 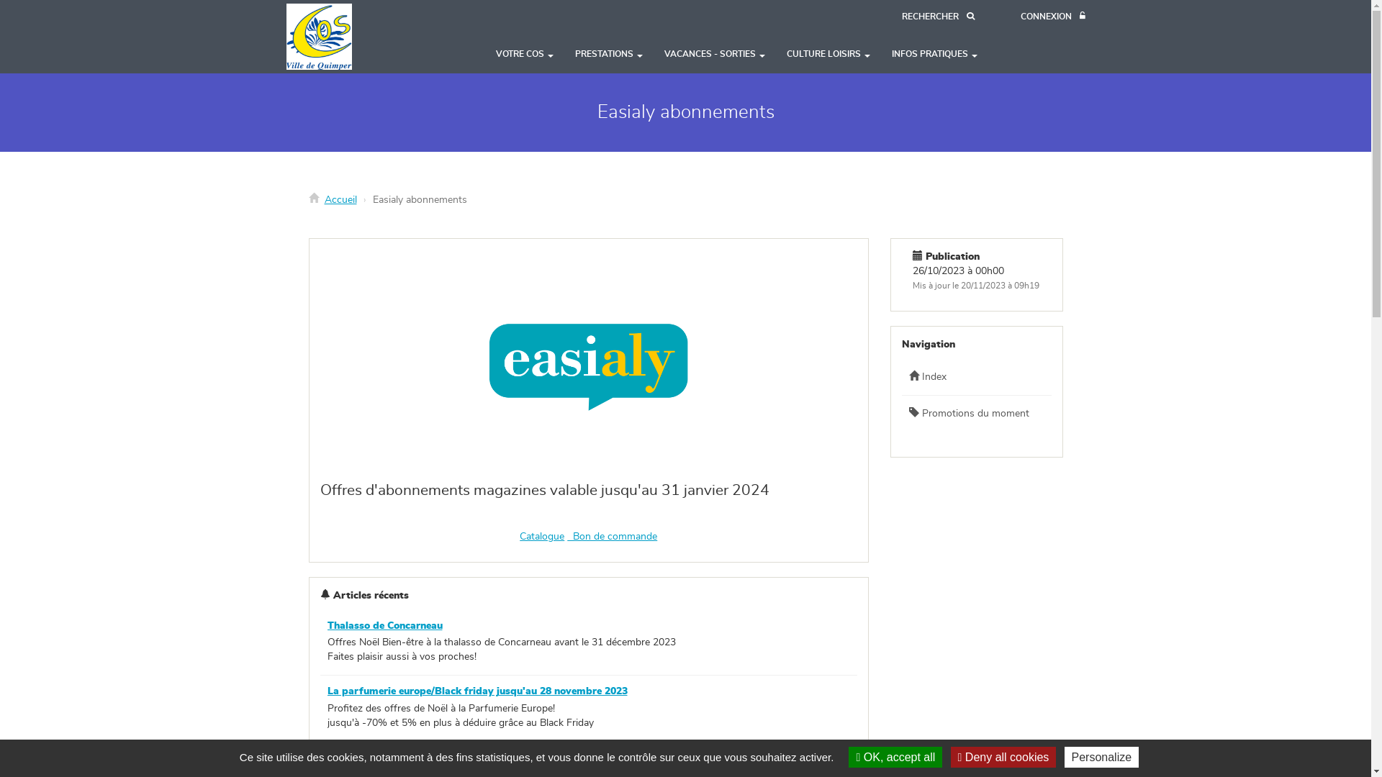 I want to click on 'Thalasso de Concarneau', so click(x=384, y=625).